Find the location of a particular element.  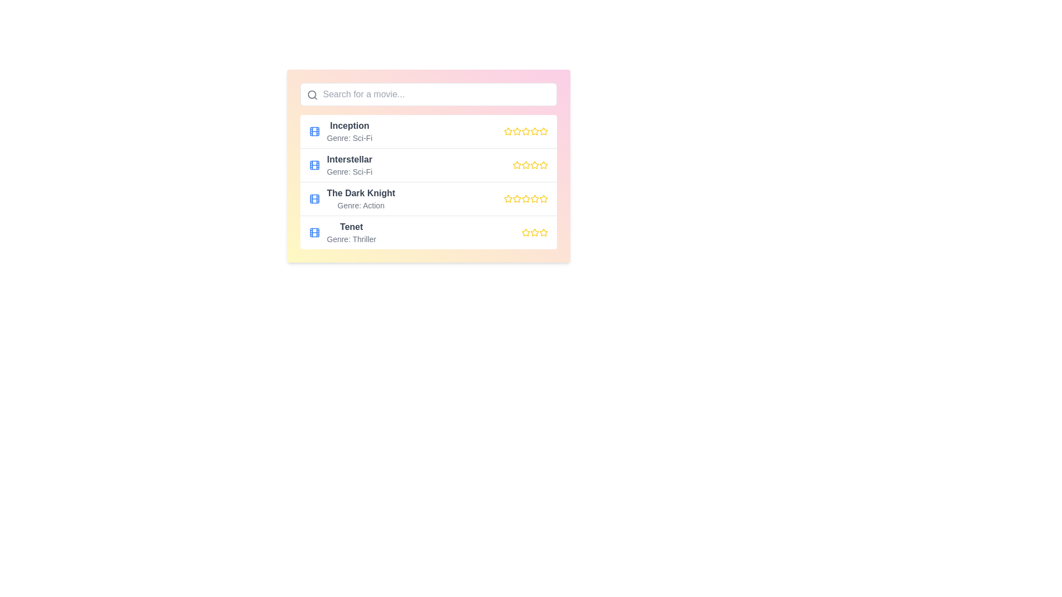

the fourth yellow star icon in the rating widget for the movie 'The Dark Knight' is located at coordinates (544, 198).